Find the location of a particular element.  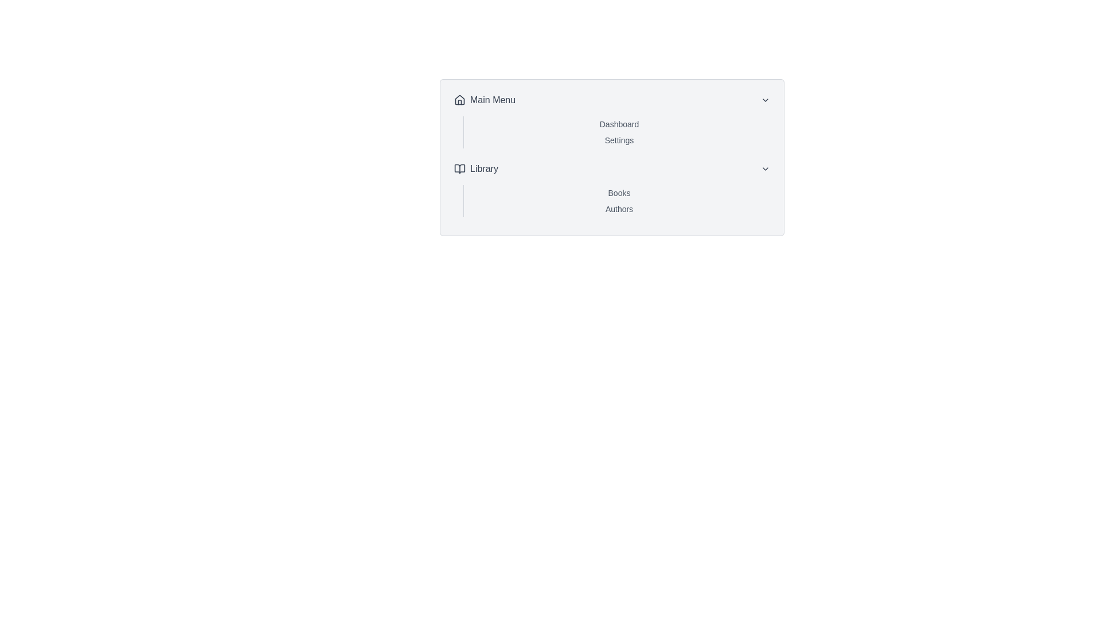

the 'Dashboard' and 'Settings' text labels in the vertical stack of the text-based navigation link group is located at coordinates (618, 132).